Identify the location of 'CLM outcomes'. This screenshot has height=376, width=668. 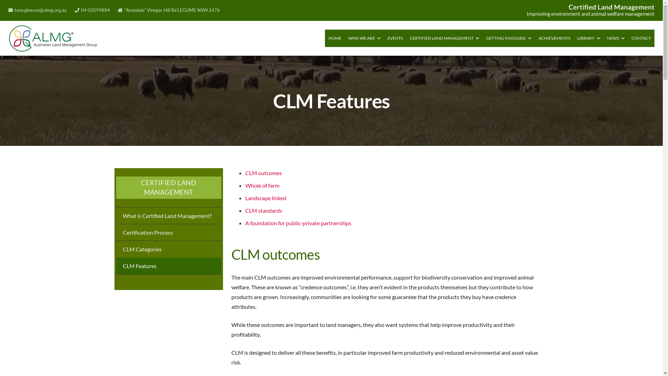
(263, 172).